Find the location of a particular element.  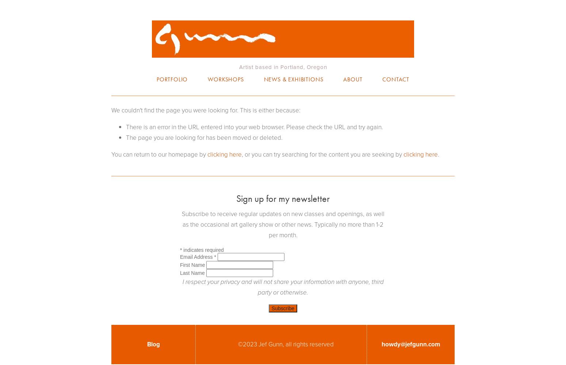

'You can return to our homepage by' is located at coordinates (111, 154).